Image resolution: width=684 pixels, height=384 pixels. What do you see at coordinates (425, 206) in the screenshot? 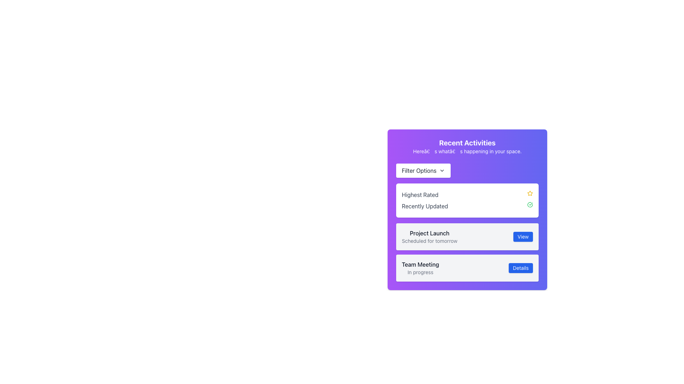
I see `the text label that indicates a section for recently updated items, positioned below the 'Highest Rated' item` at bounding box center [425, 206].